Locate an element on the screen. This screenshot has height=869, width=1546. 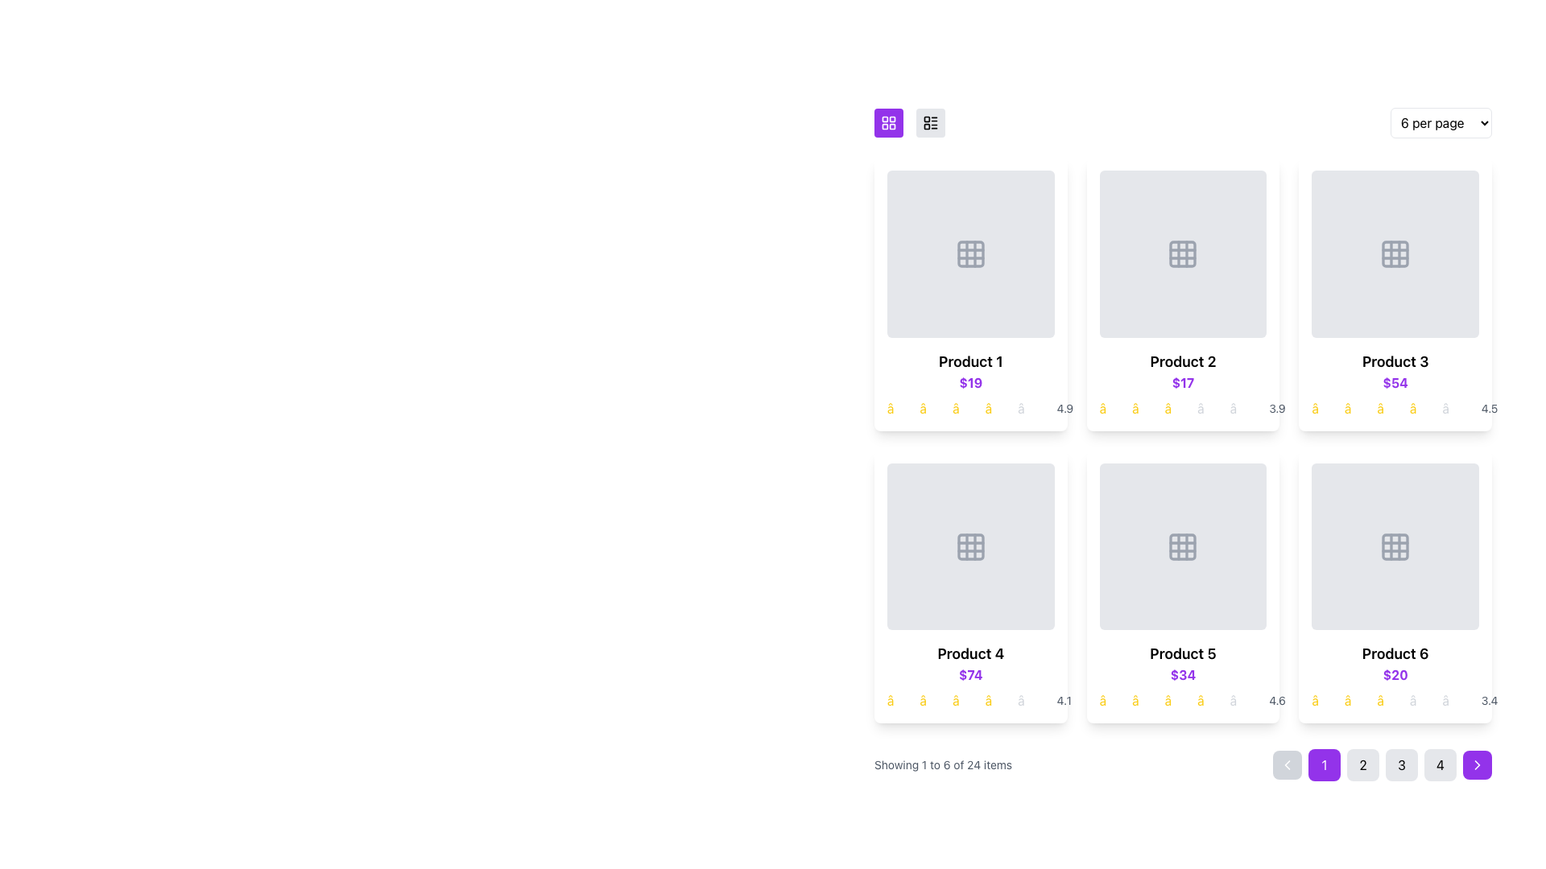
the product information display element showing 'Product 6', priced at '$20' with a rating of '3.4' to visit the product's page is located at coordinates (1395, 677).